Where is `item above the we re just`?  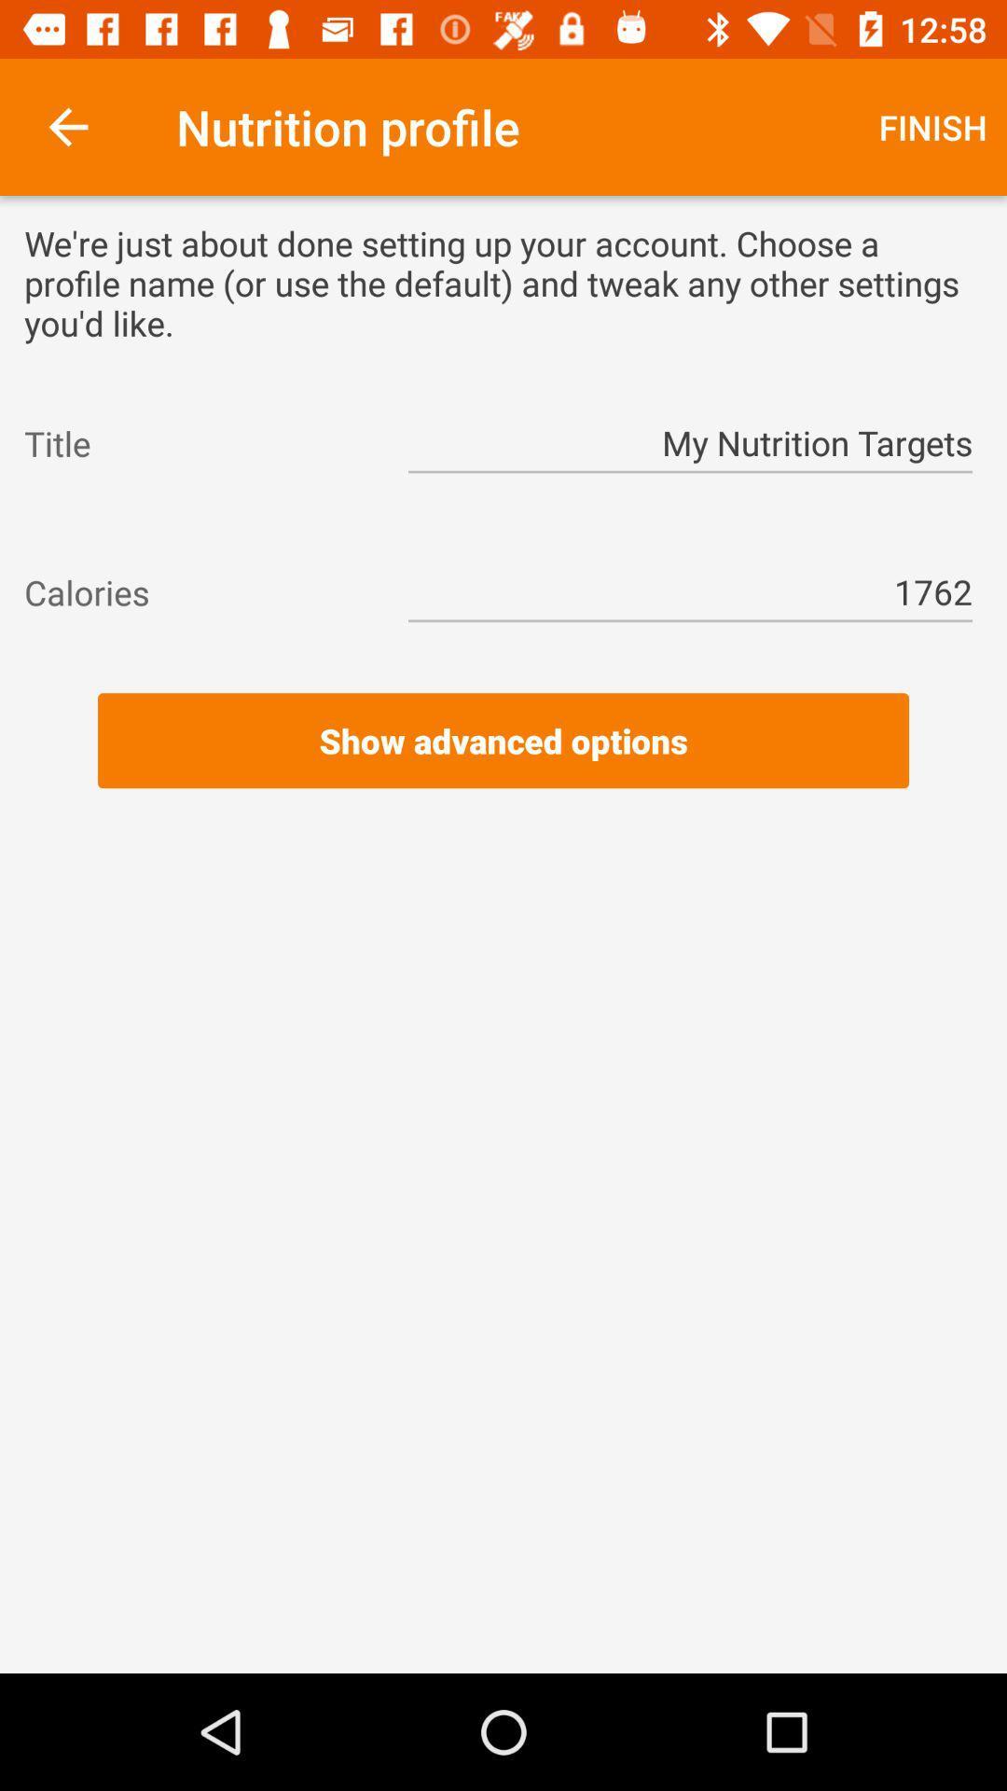 item above the we re just is located at coordinates (67, 126).